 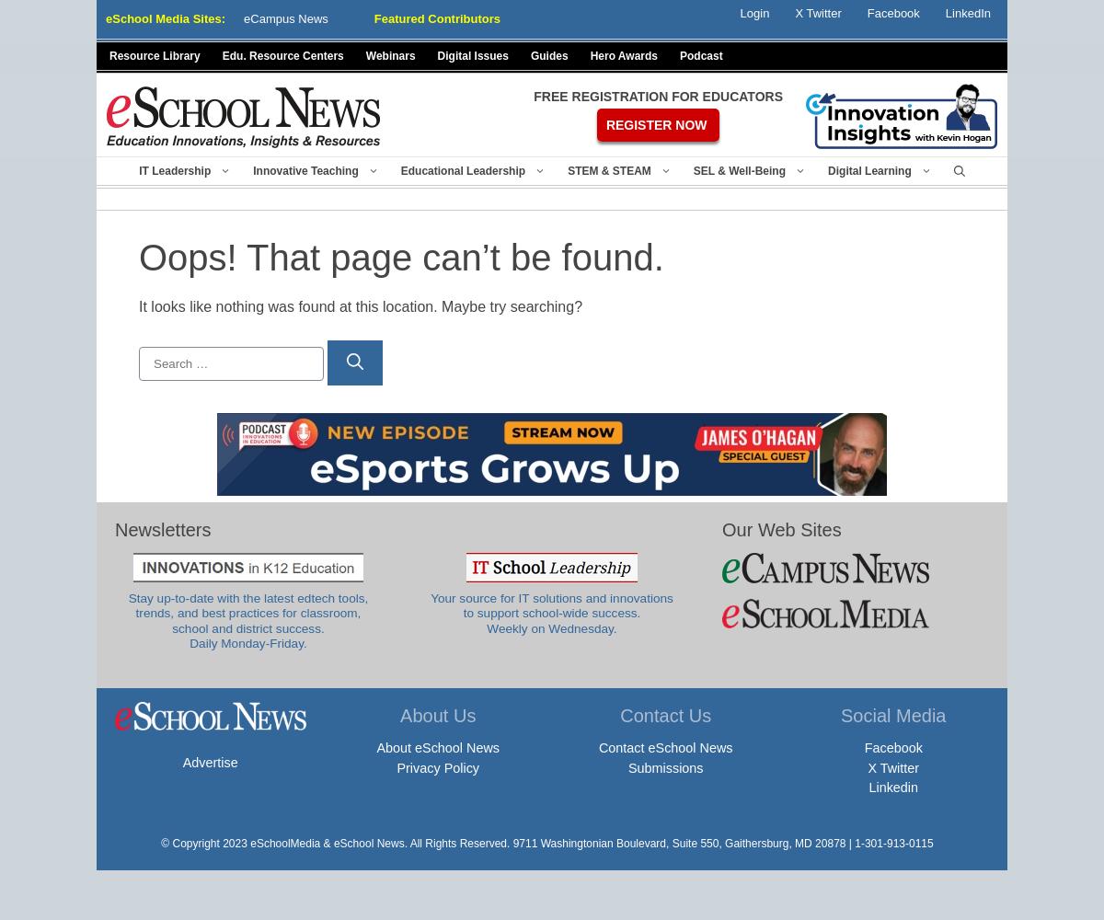 What do you see at coordinates (209, 762) in the screenshot?
I see `'Advertise'` at bounding box center [209, 762].